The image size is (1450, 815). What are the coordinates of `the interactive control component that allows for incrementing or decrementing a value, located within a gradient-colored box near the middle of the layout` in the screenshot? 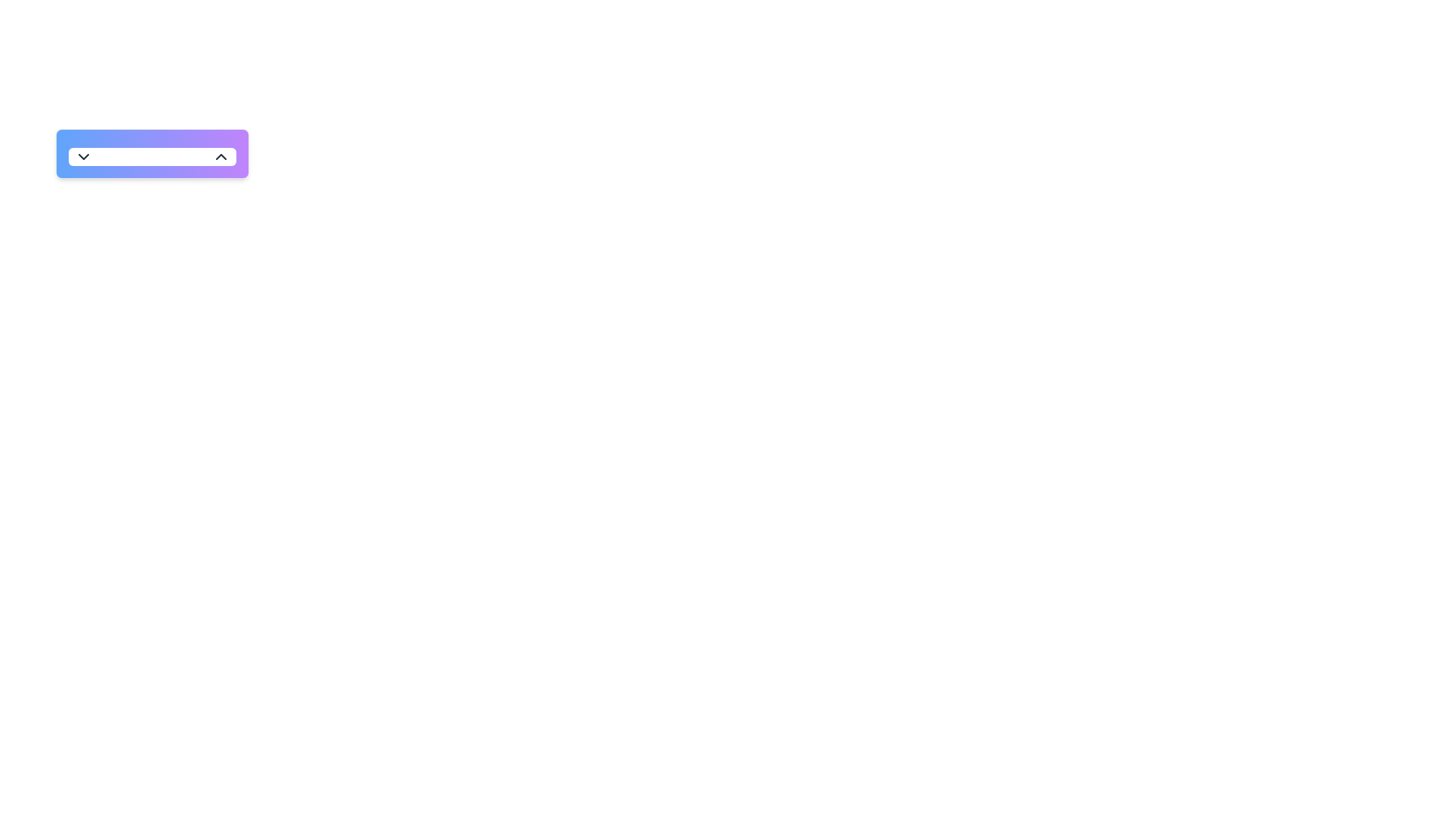 It's located at (152, 157).